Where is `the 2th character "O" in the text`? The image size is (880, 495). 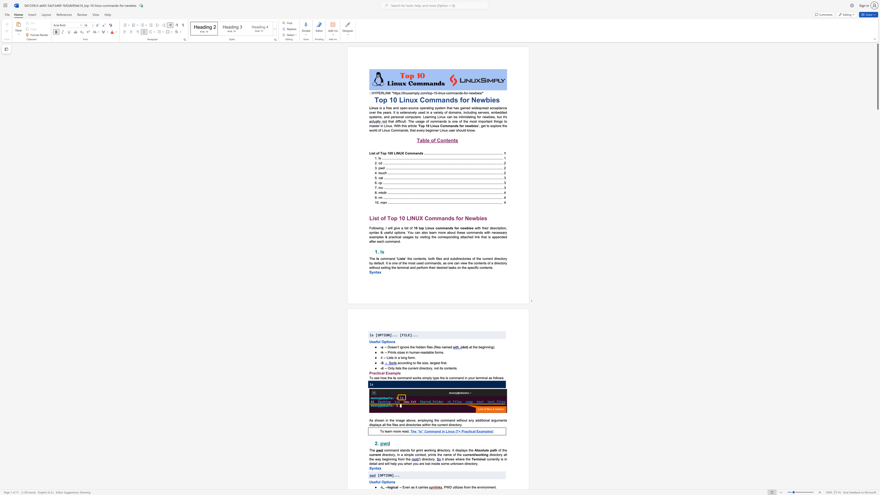 the 2th character "O" in the text is located at coordinates (388, 475).